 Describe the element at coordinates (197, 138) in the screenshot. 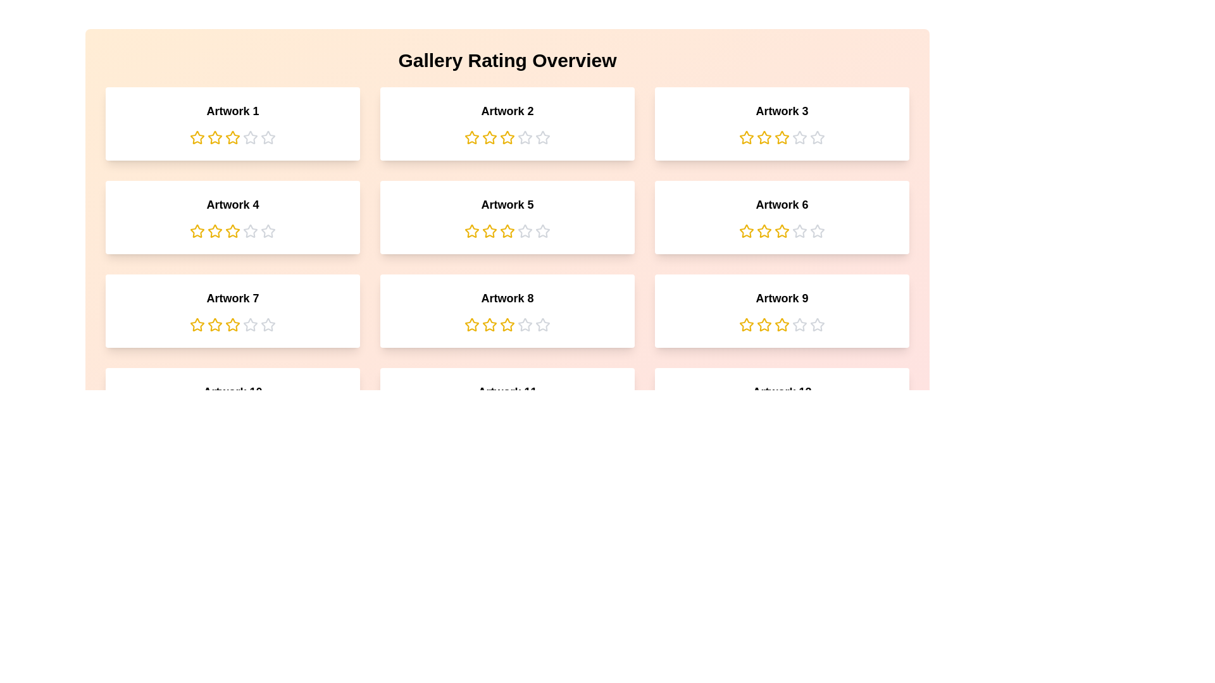

I see `the rating of an artwork to 1 stars by clicking the corresponding star` at that location.